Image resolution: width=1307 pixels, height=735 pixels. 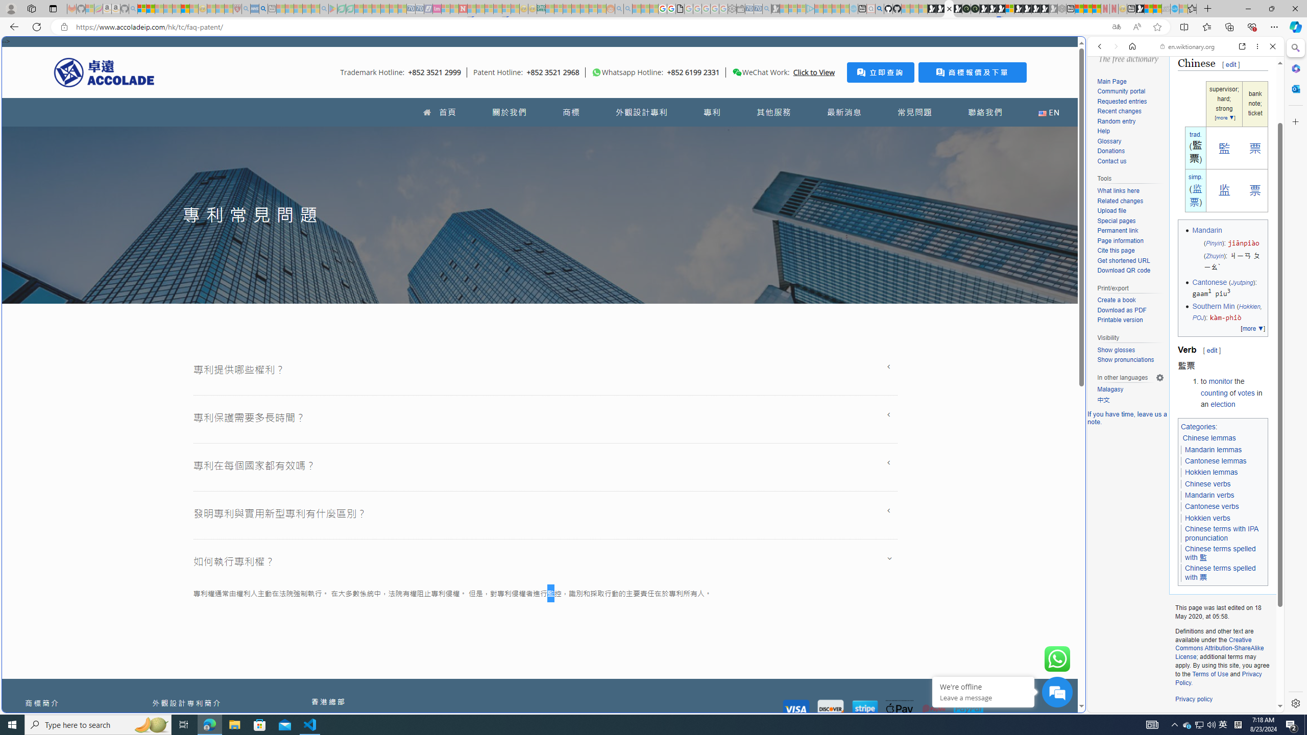 What do you see at coordinates (1212, 350) in the screenshot?
I see `'edit'` at bounding box center [1212, 350].